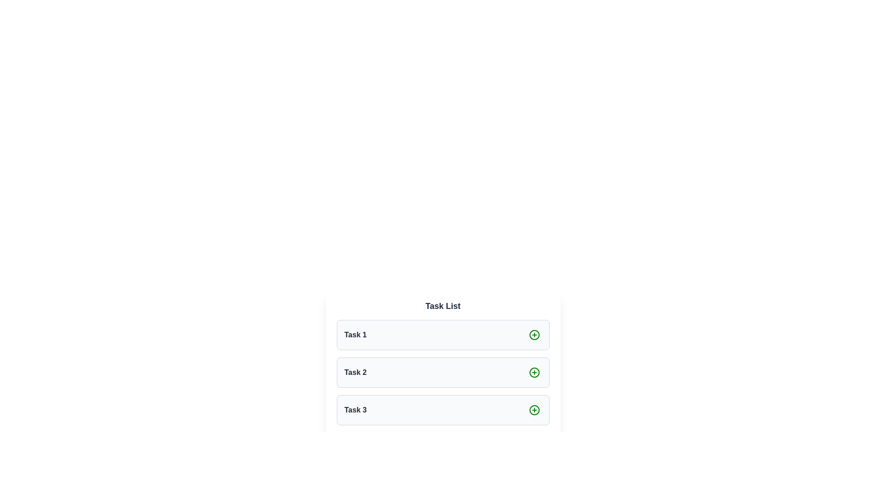 The height and width of the screenshot is (495, 881). What do you see at coordinates (443, 306) in the screenshot?
I see `the header text element that serves as the title for the list of tasks, positioned centrally at the top of the interface` at bounding box center [443, 306].